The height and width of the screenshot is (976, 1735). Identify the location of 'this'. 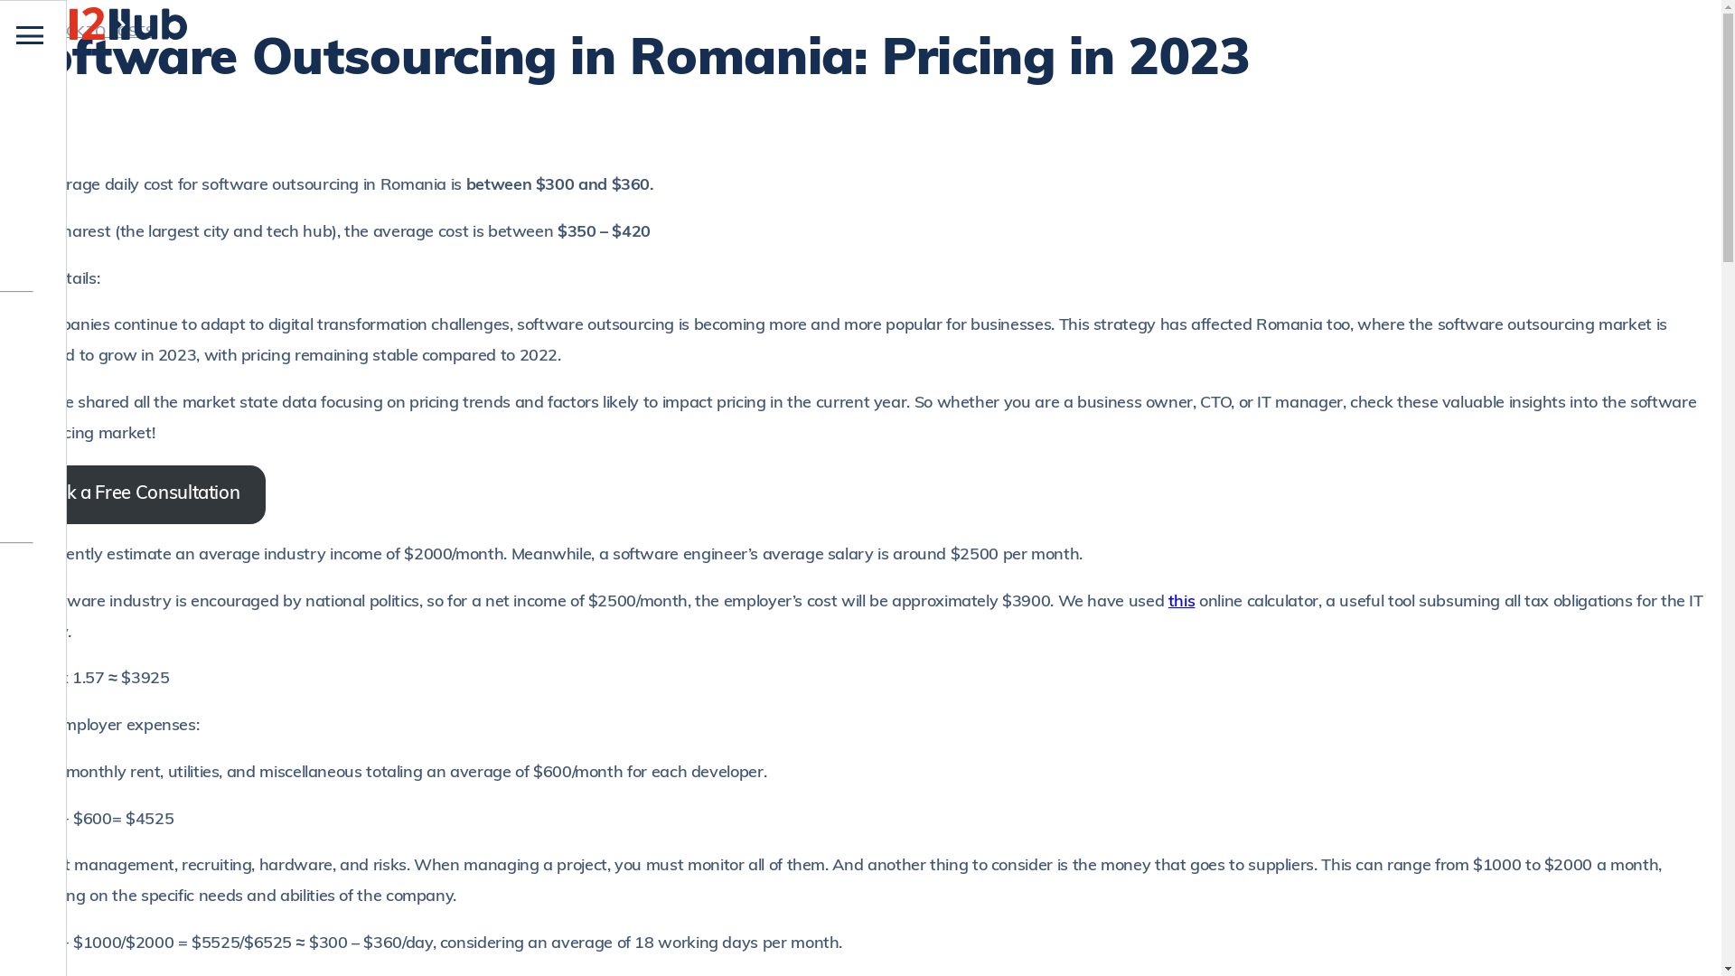
(1182, 602).